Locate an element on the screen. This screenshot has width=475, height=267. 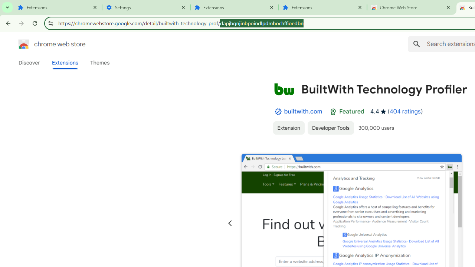
'Item logo image for BuiltWith Technology Profiler' is located at coordinates (284, 89).